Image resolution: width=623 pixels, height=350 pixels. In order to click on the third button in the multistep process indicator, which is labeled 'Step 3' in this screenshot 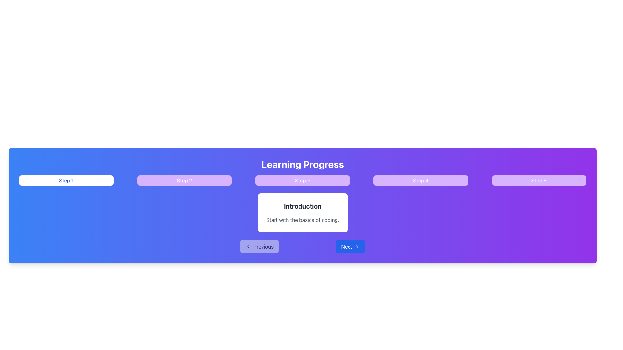, I will do `click(302, 180)`.